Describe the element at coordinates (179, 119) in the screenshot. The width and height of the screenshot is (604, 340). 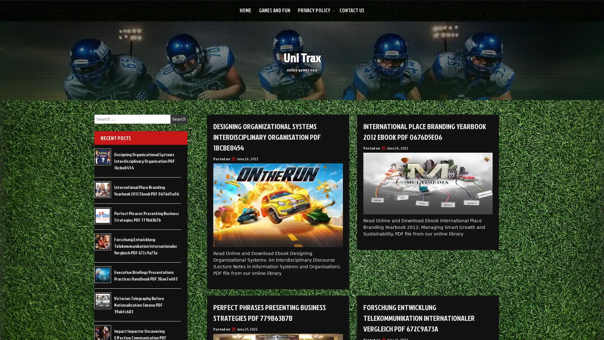
I see `Search` at that location.